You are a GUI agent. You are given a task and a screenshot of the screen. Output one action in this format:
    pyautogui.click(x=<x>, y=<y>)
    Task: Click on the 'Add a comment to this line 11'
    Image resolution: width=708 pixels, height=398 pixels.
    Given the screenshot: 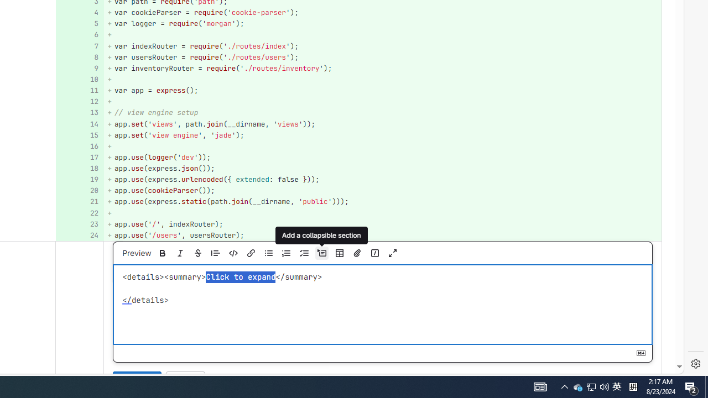 What is the action you would take?
    pyautogui.click(x=79, y=90)
    